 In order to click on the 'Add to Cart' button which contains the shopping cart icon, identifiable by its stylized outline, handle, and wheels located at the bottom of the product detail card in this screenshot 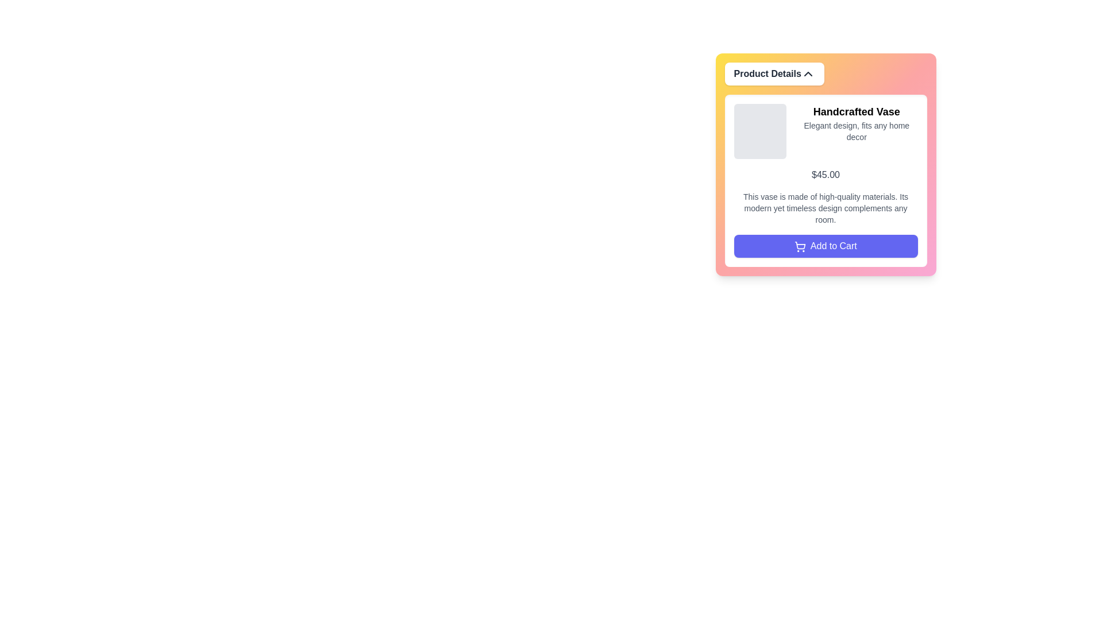, I will do `click(800, 245)`.